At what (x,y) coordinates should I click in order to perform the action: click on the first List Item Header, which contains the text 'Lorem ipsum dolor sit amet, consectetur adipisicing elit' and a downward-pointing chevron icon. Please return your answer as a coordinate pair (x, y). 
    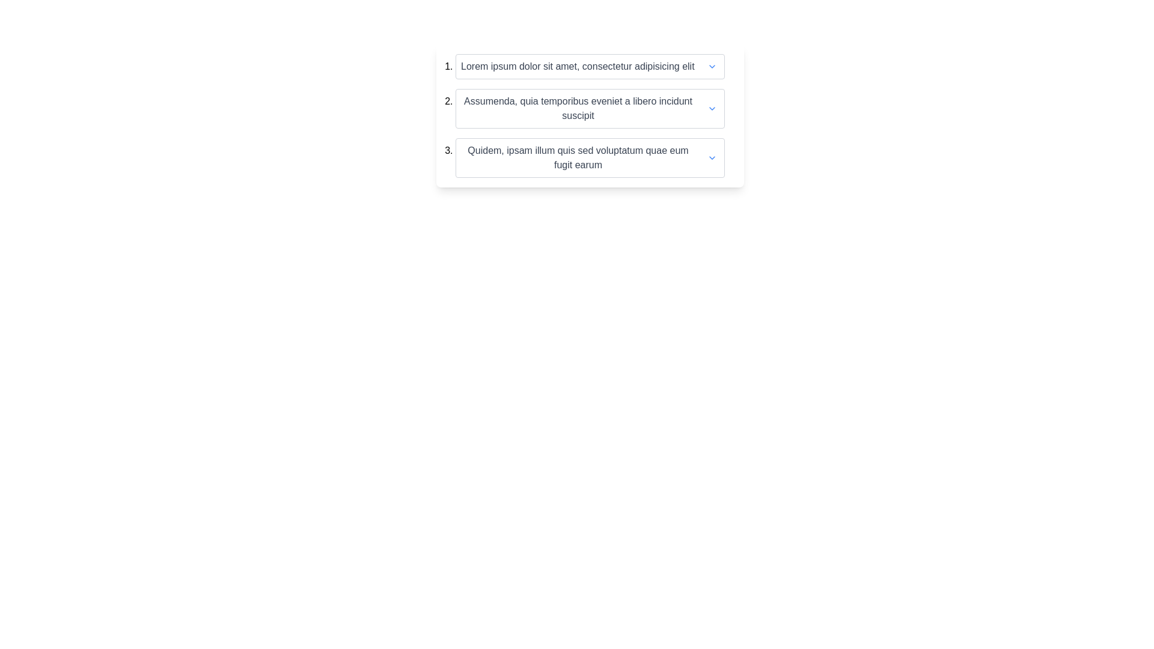
    Looking at the image, I should click on (590, 67).